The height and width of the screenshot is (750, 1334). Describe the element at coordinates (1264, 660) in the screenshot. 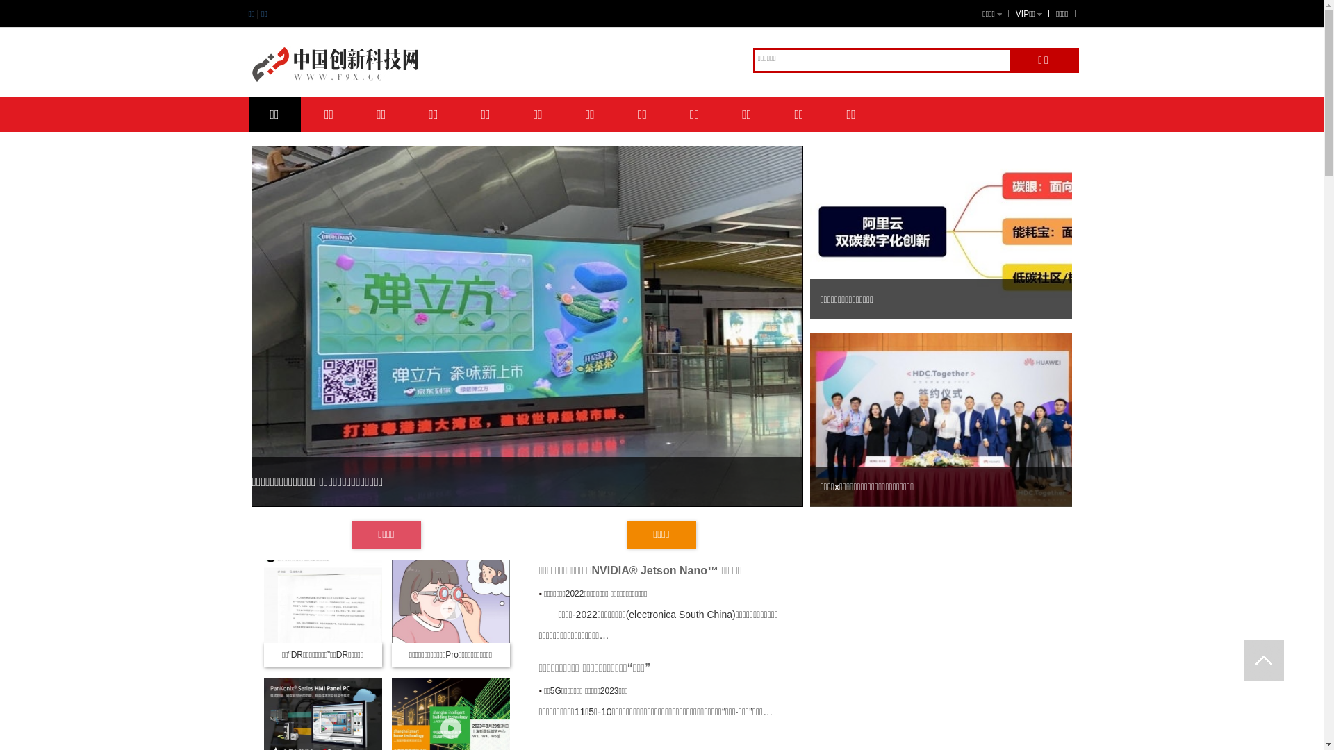

I see `' '` at that location.